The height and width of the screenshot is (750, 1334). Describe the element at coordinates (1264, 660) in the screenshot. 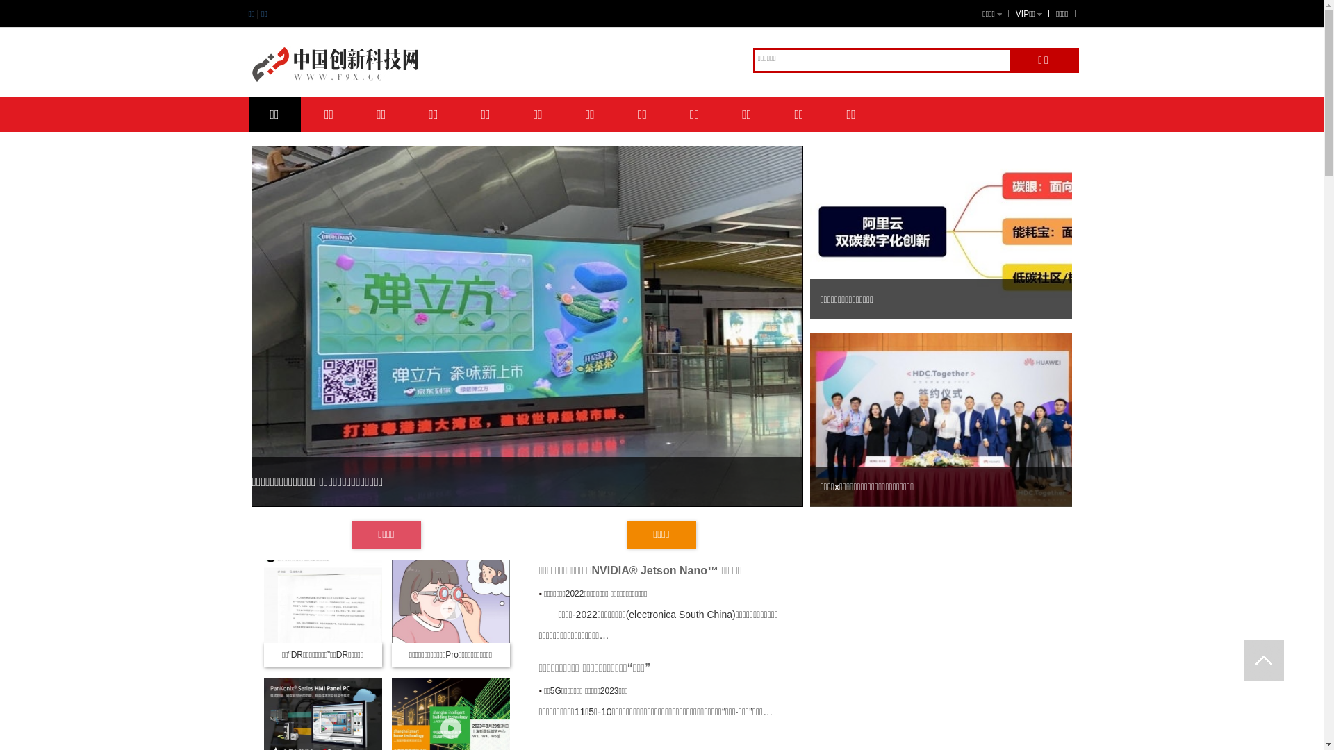

I see `' '` at that location.